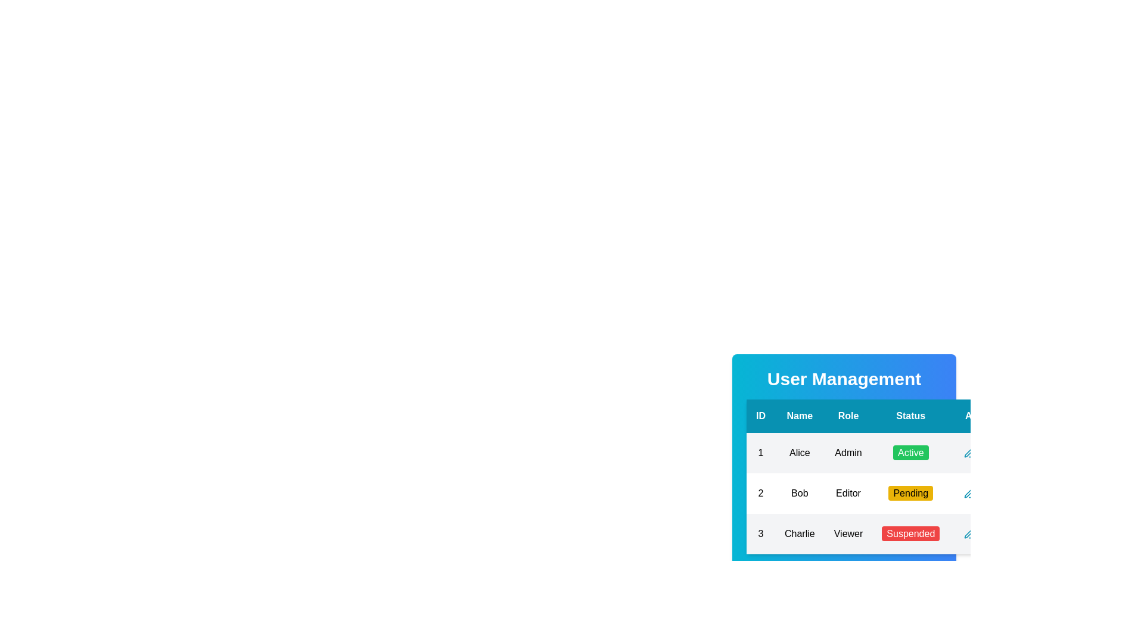 The width and height of the screenshot is (1144, 643). What do you see at coordinates (881, 452) in the screenshot?
I see `the green badge labeled 'Active' in the first row of the tabular structure to change its status` at bounding box center [881, 452].